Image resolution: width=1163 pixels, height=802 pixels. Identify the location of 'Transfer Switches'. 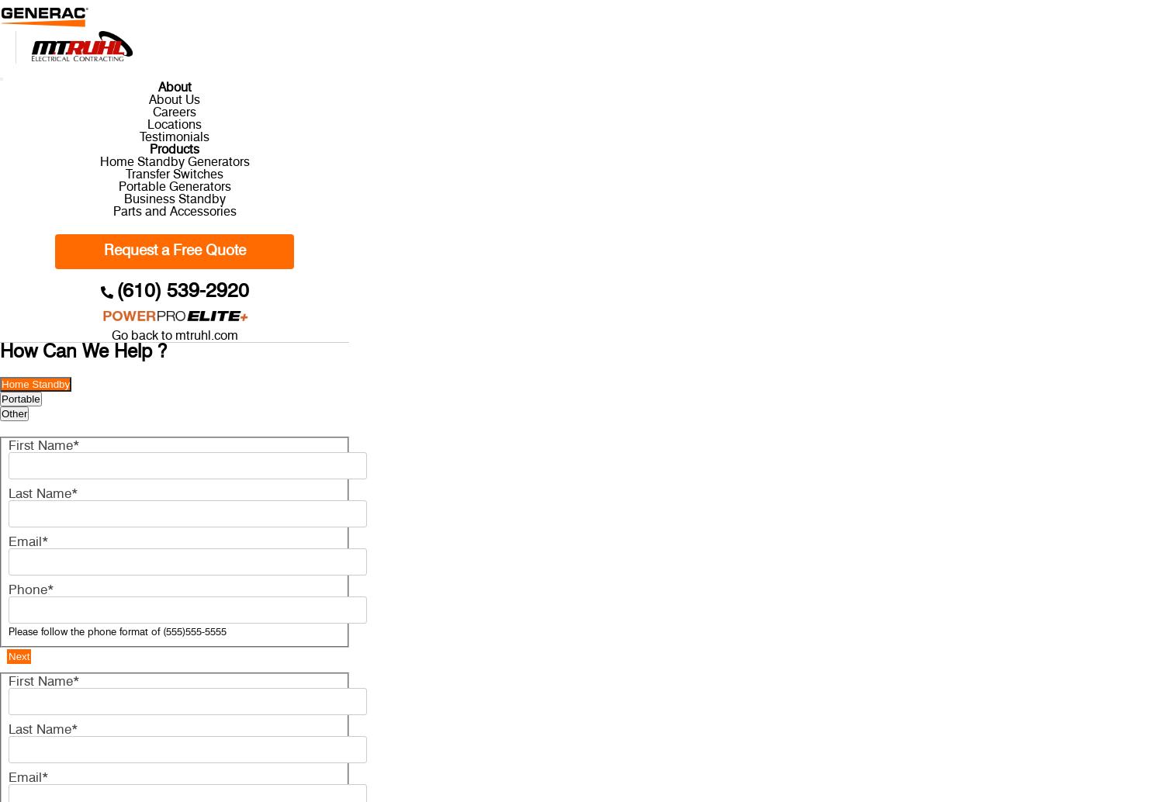
(173, 174).